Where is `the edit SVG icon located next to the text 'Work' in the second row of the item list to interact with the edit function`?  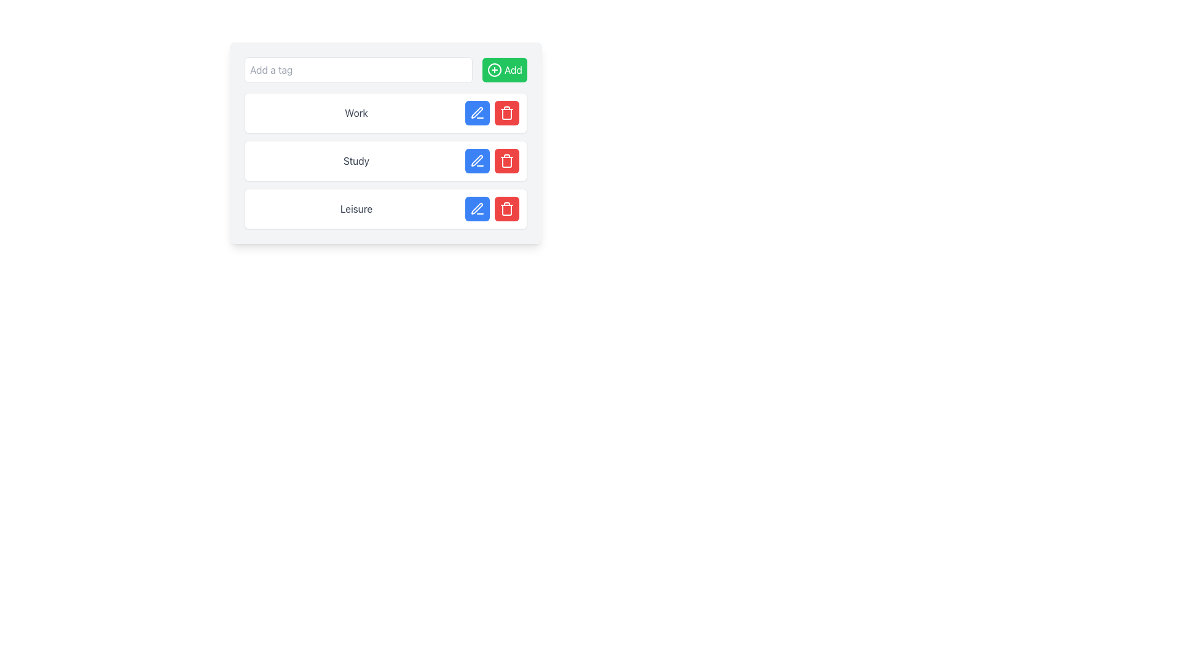
the edit SVG icon located next to the text 'Work' in the second row of the item list to interact with the edit function is located at coordinates (477, 113).